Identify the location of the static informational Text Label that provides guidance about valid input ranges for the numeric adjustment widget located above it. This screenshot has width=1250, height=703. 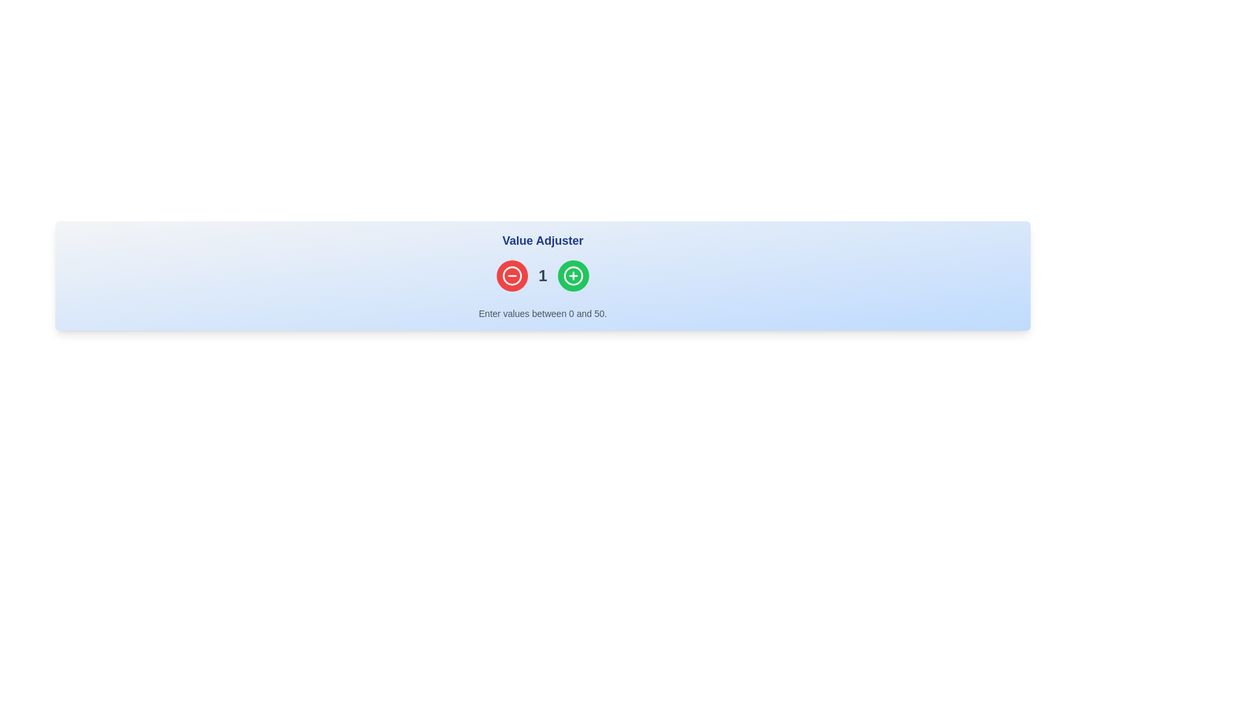
(543, 314).